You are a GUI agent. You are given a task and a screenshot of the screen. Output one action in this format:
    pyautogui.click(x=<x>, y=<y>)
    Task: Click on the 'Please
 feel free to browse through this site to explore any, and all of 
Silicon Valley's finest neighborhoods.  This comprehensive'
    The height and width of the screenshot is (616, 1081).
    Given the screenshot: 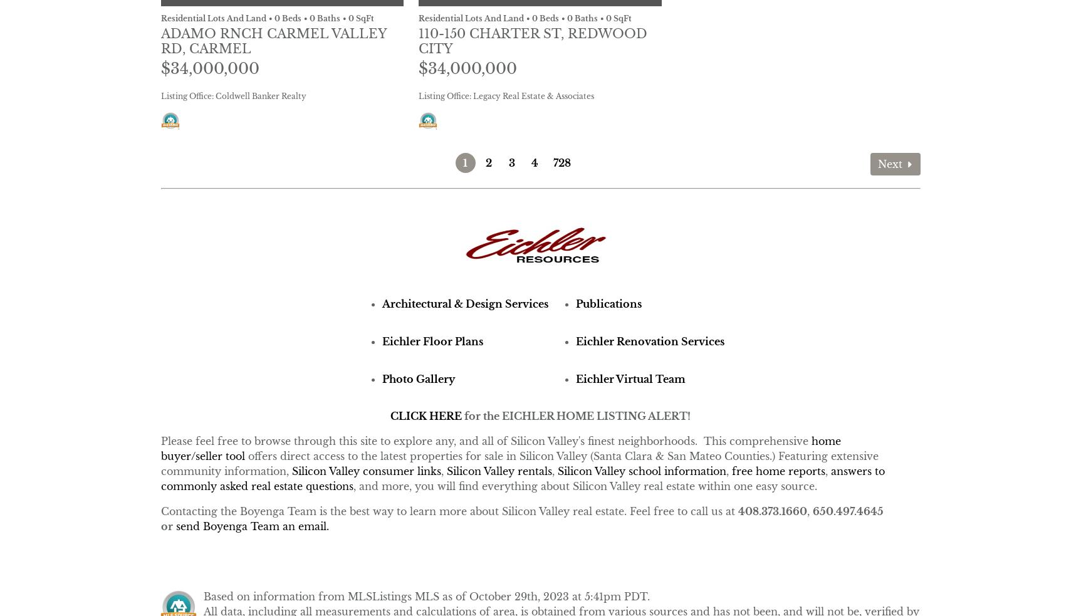 What is the action you would take?
    pyautogui.click(x=159, y=441)
    